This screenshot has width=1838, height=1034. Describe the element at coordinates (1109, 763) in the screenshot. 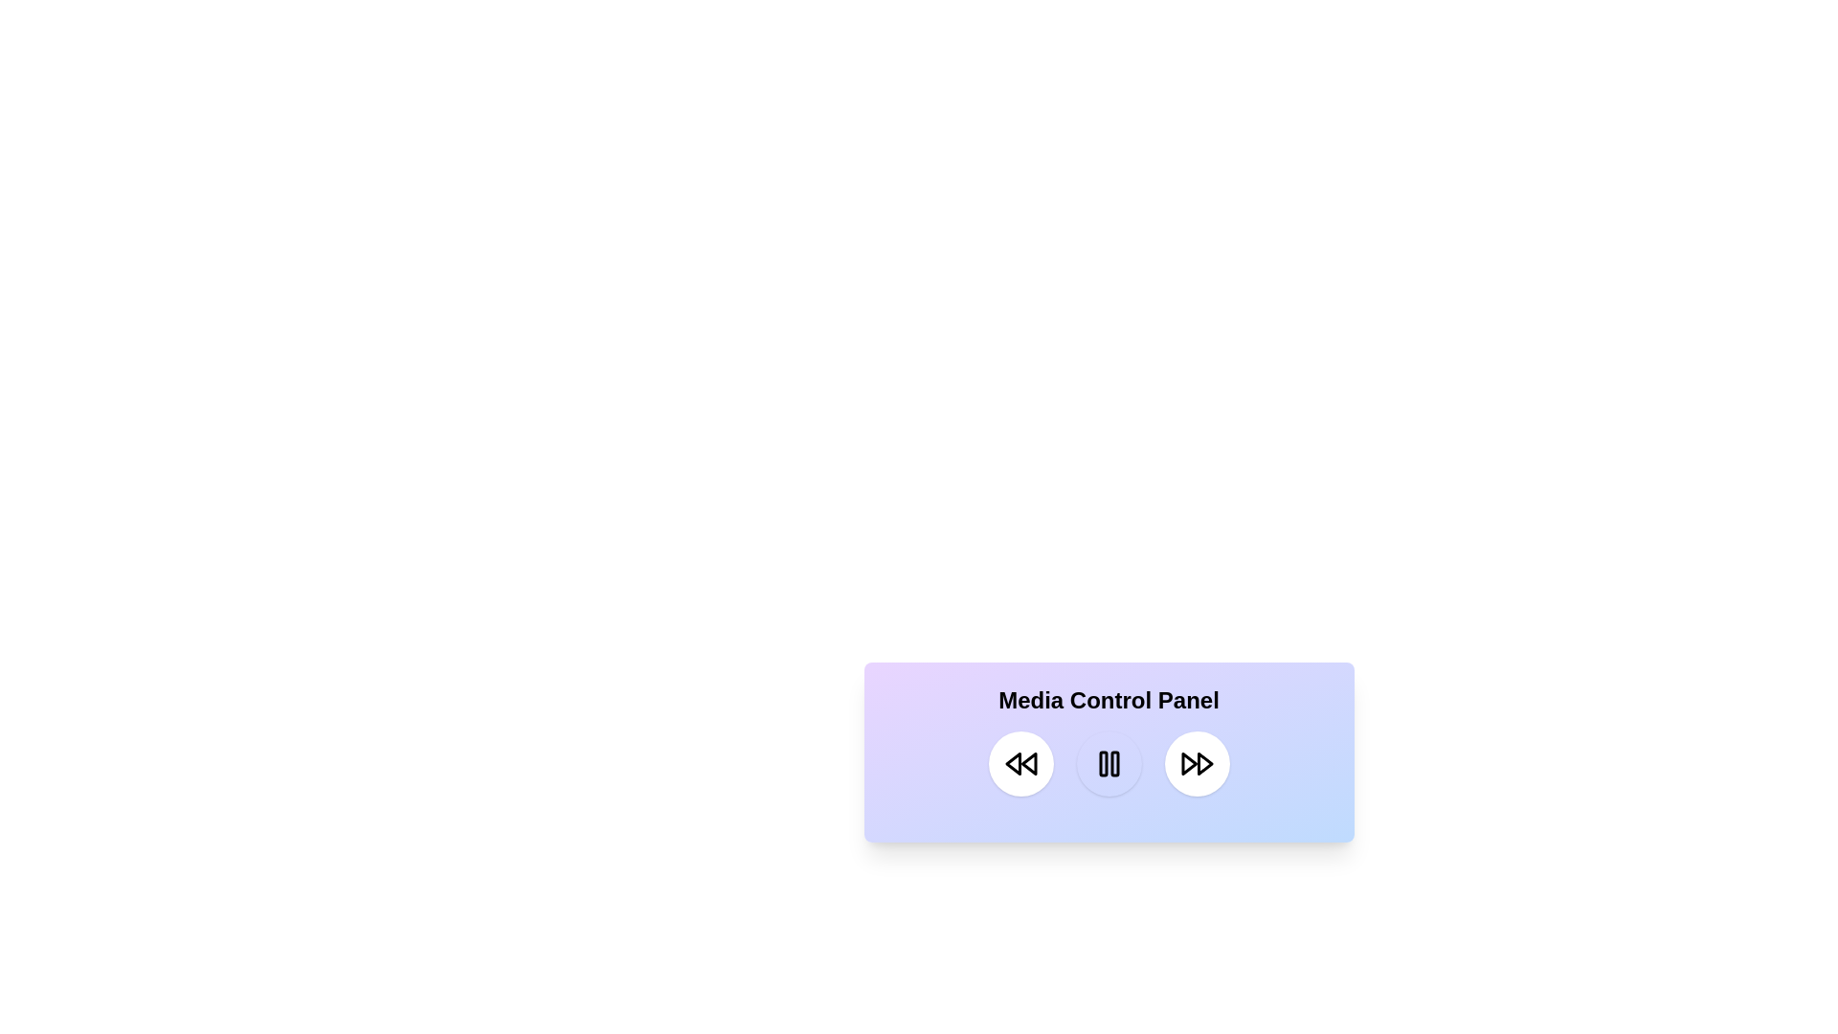

I see `the pause button located at the center of the media control panel` at that location.